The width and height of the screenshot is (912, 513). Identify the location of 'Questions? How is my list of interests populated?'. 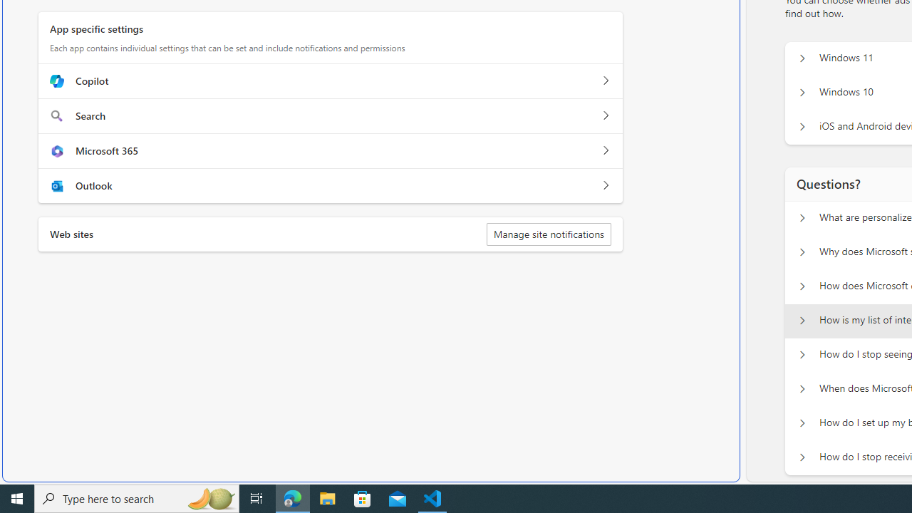
(802, 321).